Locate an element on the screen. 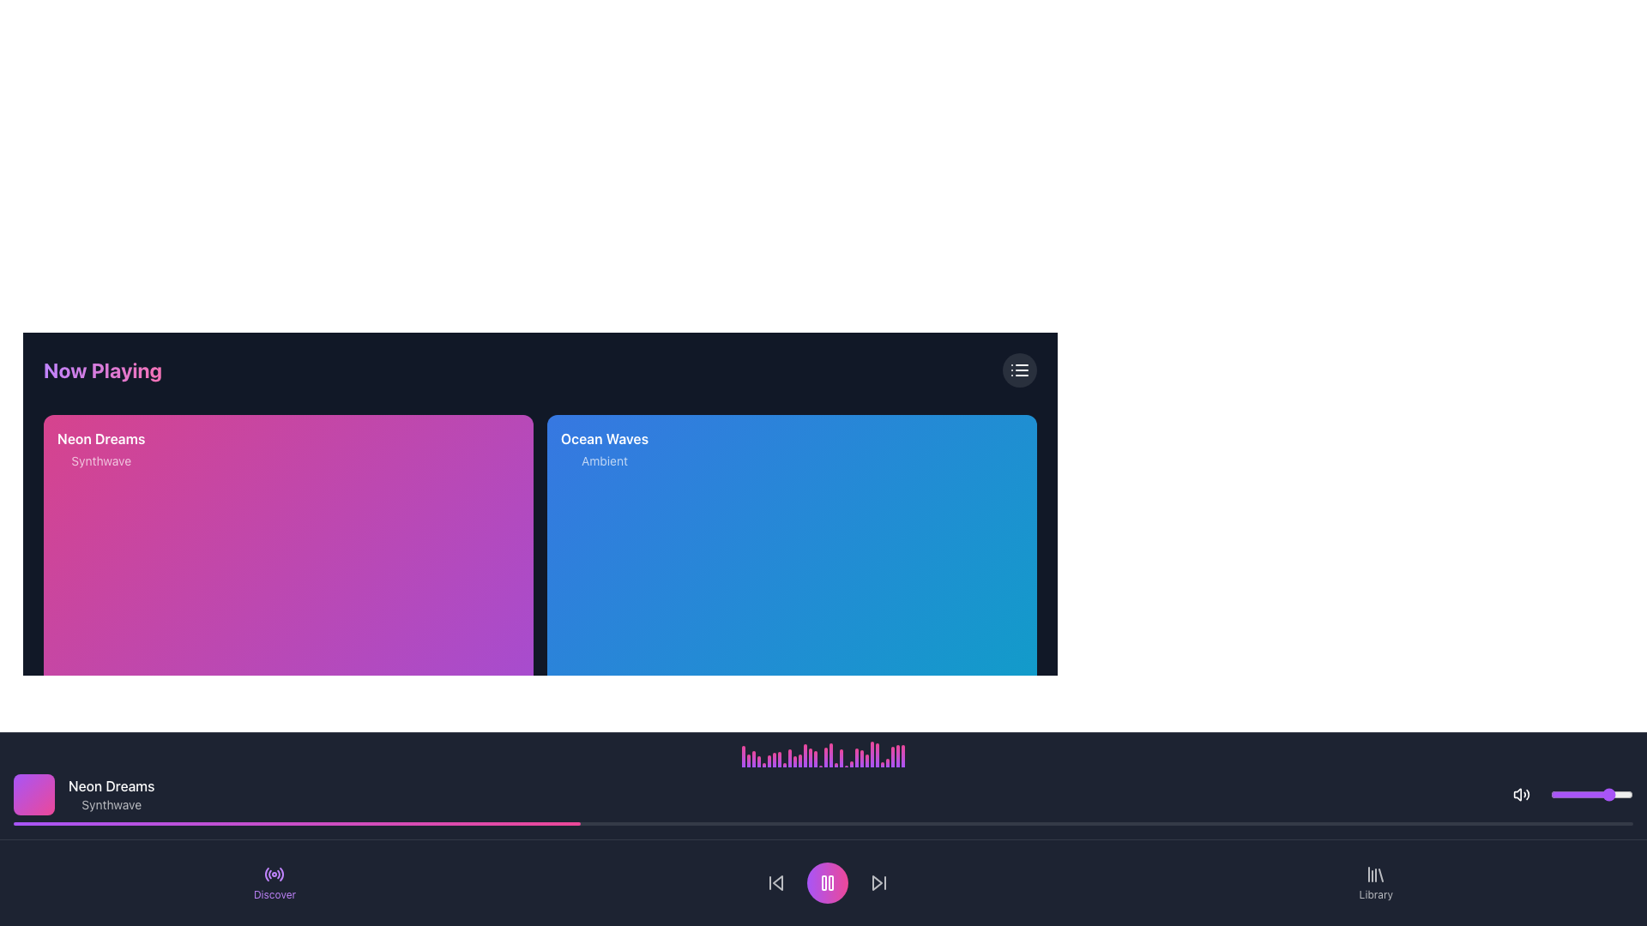  the slider is located at coordinates (1611, 794).